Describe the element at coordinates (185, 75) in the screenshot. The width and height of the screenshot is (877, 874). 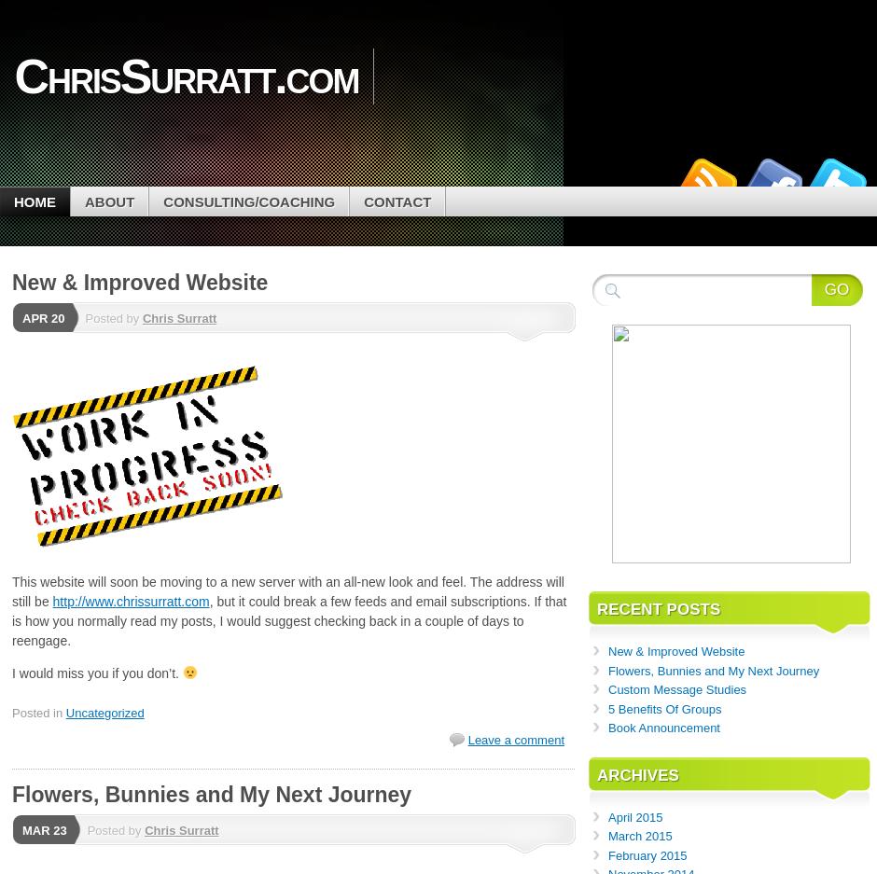
I see `'ChrisSurratt.com'` at that location.